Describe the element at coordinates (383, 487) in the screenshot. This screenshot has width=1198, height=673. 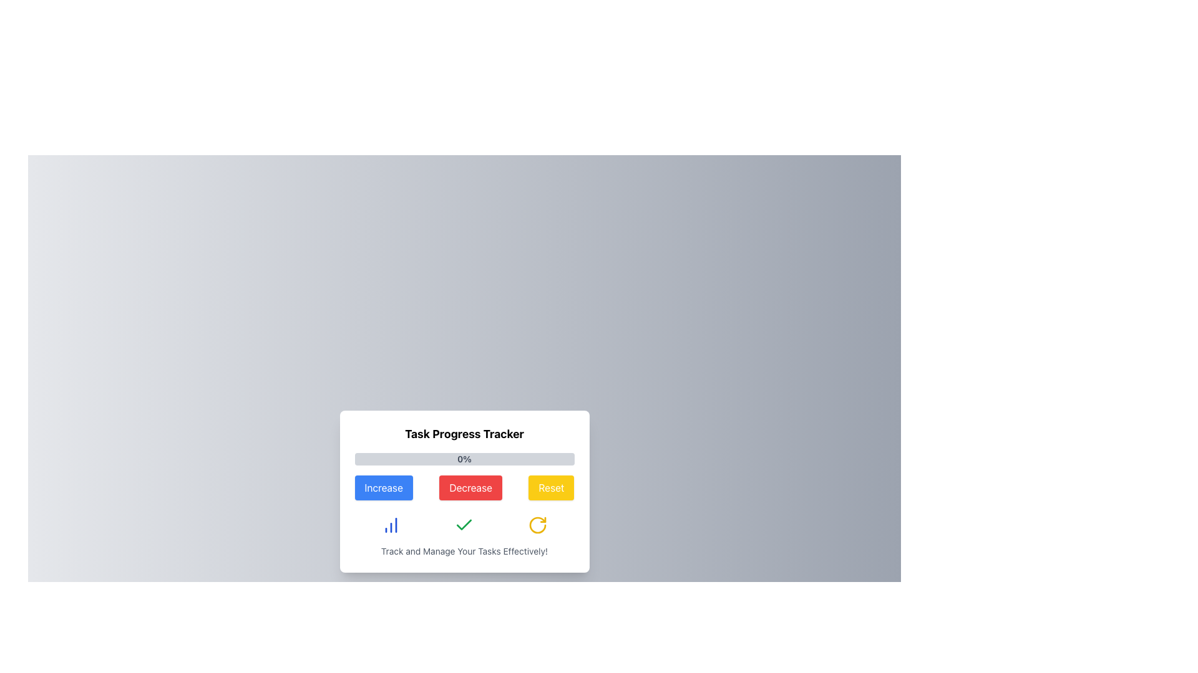
I see `the leftmost button in a row of three buttons that increases a value or progress, which is located under a progress bar labeled '0%'` at that location.